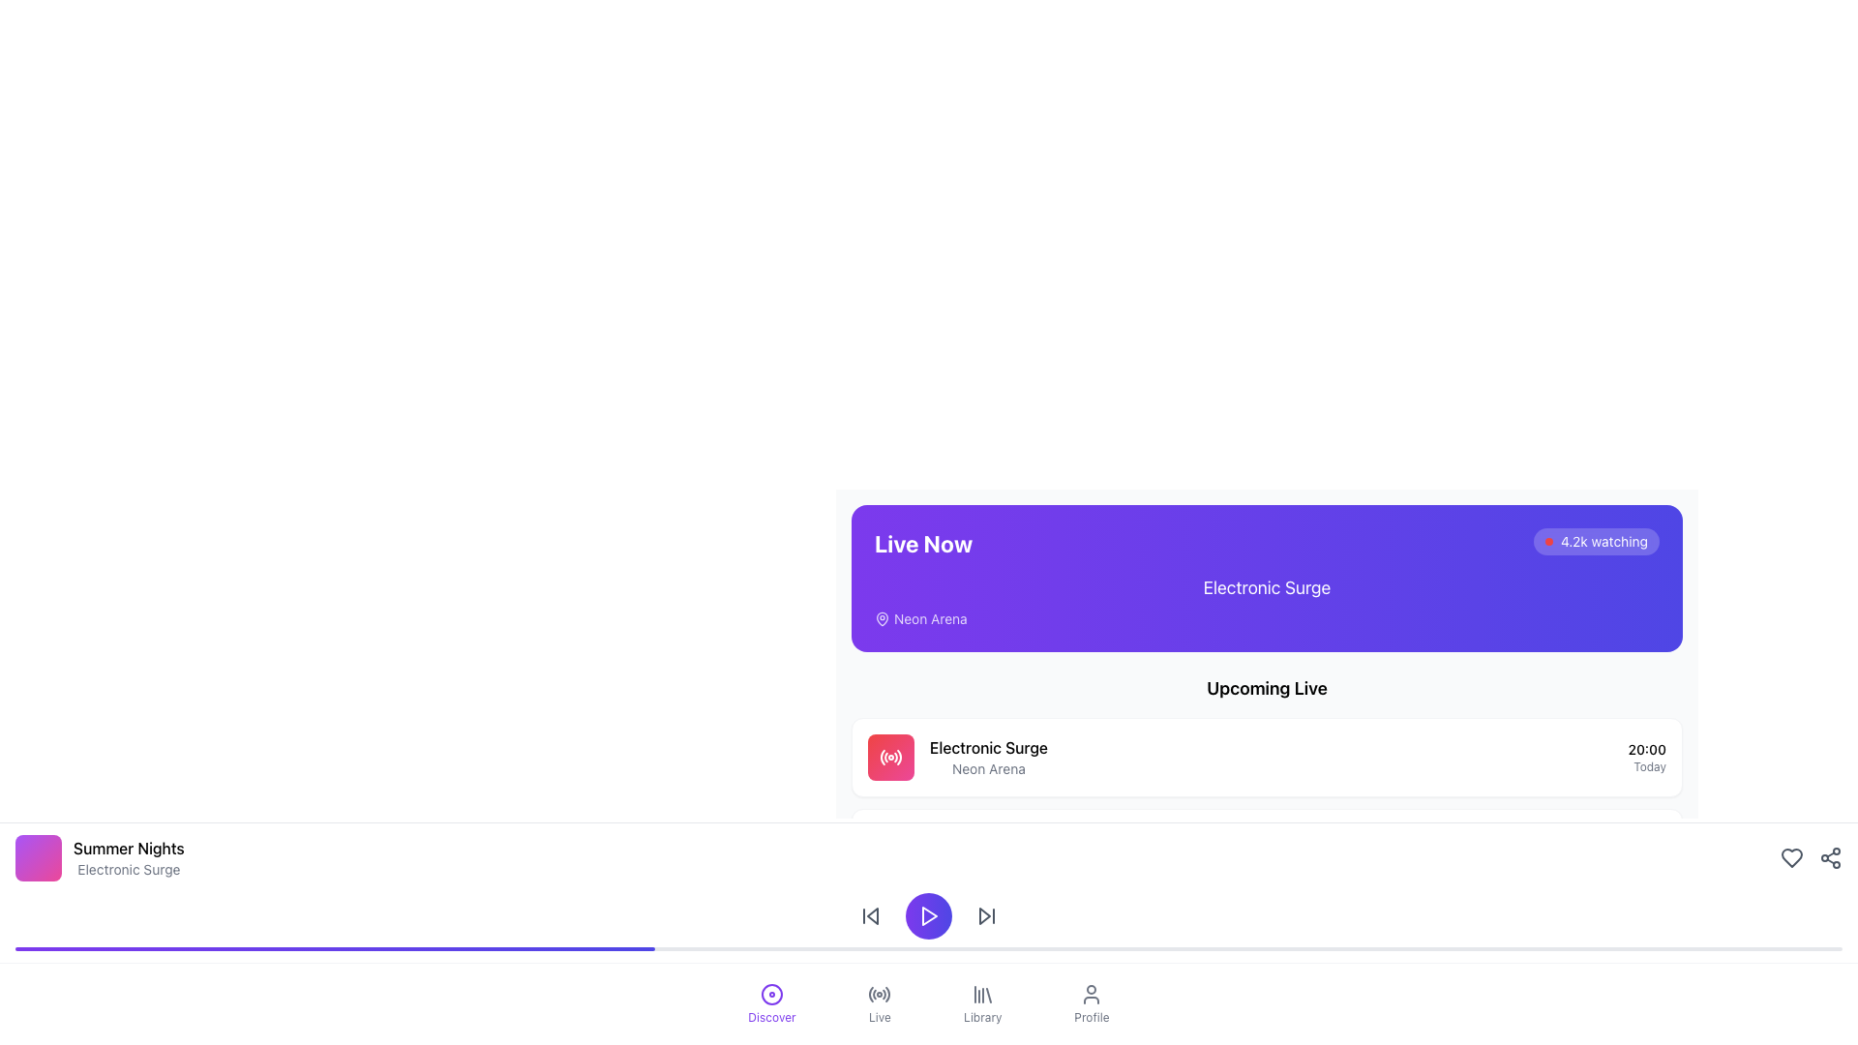  Describe the element at coordinates (1092, 1002) in the screenshot. I see `the 'Profile' button in the bottom navigation bar, which features a user icon and the text 'Profile'` at that location.